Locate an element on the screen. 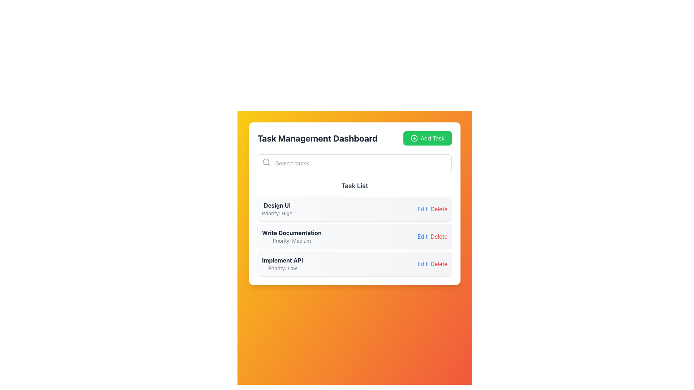 This screenshot has width=694, height=390. the 'Medium' priority Text Label located below the 'Write Documentation' task in the task list interface is located at coordinates (292, 241).